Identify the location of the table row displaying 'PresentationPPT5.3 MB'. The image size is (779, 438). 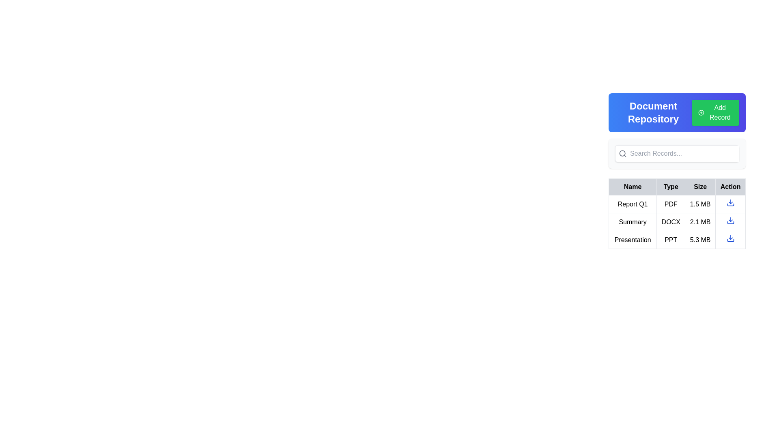
(677, 239).